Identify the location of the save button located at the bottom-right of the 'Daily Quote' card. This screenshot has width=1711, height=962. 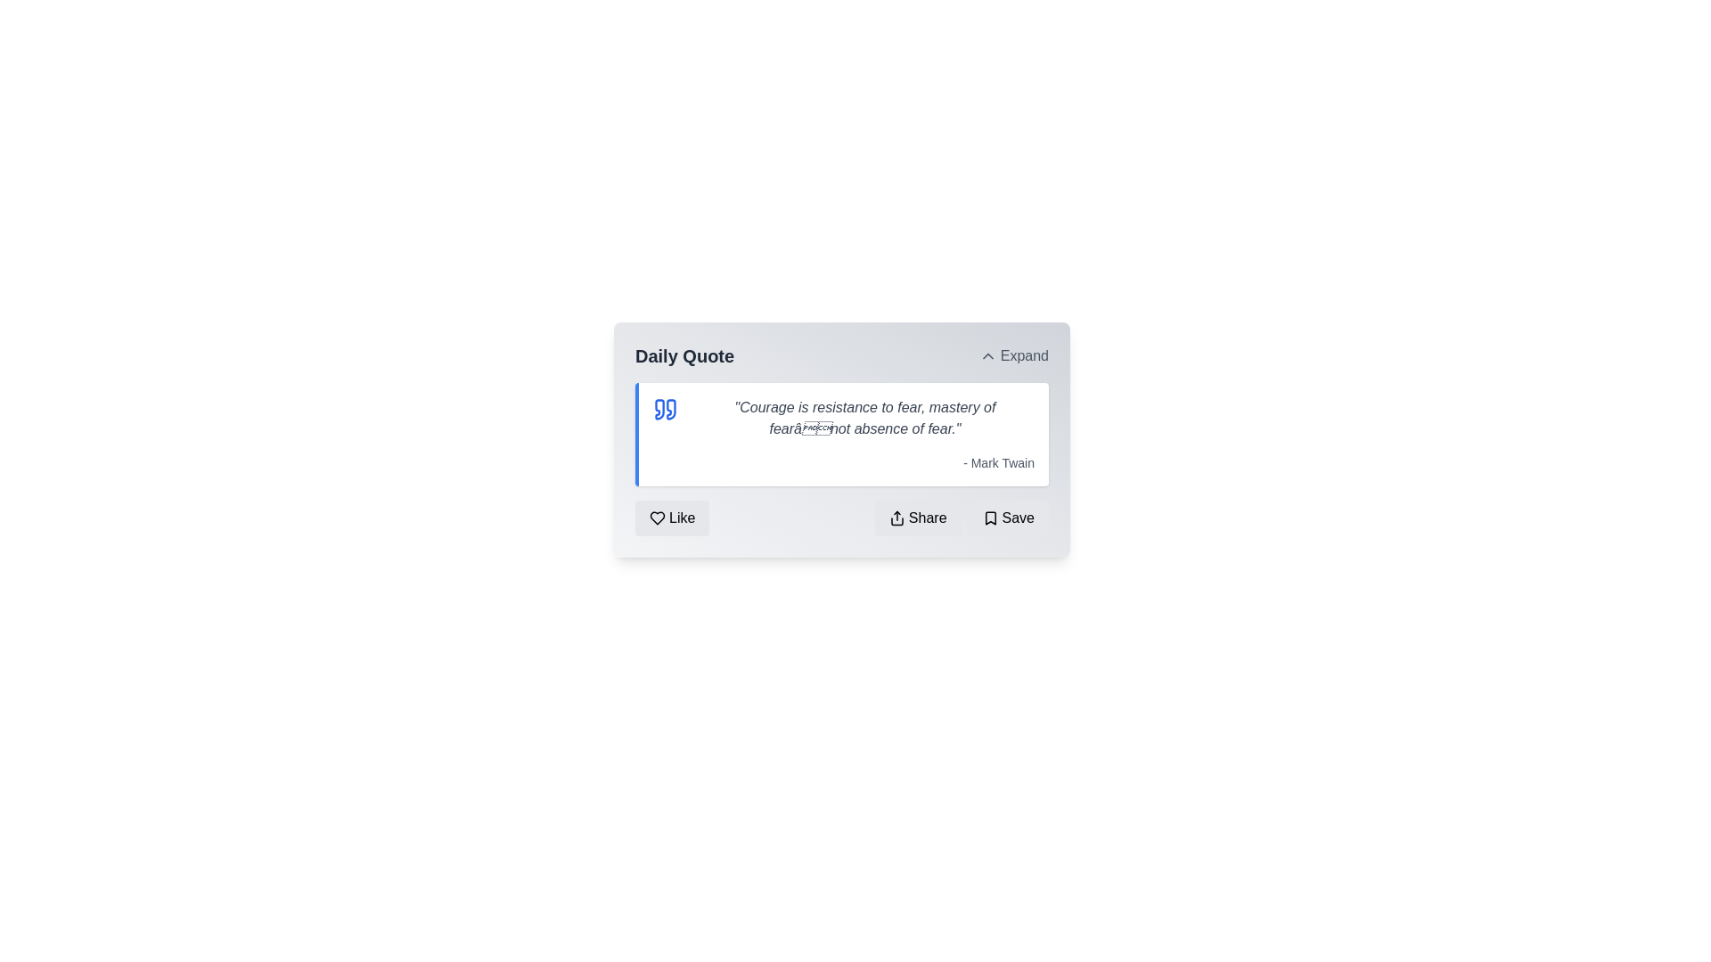
(1008, 518).